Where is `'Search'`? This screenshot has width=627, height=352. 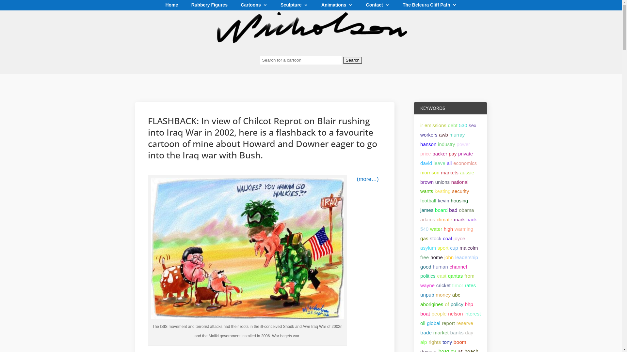 'Search' is located at coordinates (352, 60).